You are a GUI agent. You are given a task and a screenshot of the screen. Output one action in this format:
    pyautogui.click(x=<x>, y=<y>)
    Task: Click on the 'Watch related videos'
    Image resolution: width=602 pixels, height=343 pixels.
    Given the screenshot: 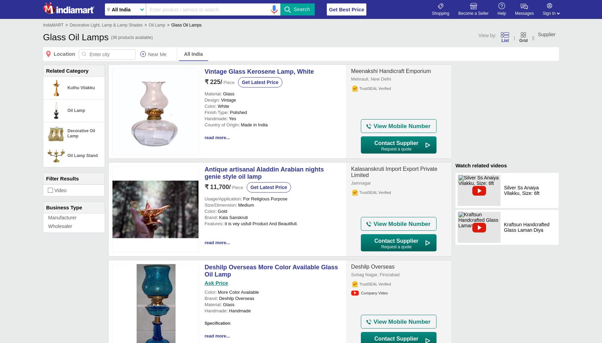 What is the action you would take?
    pyautogui.click(x=455, y=165)
    